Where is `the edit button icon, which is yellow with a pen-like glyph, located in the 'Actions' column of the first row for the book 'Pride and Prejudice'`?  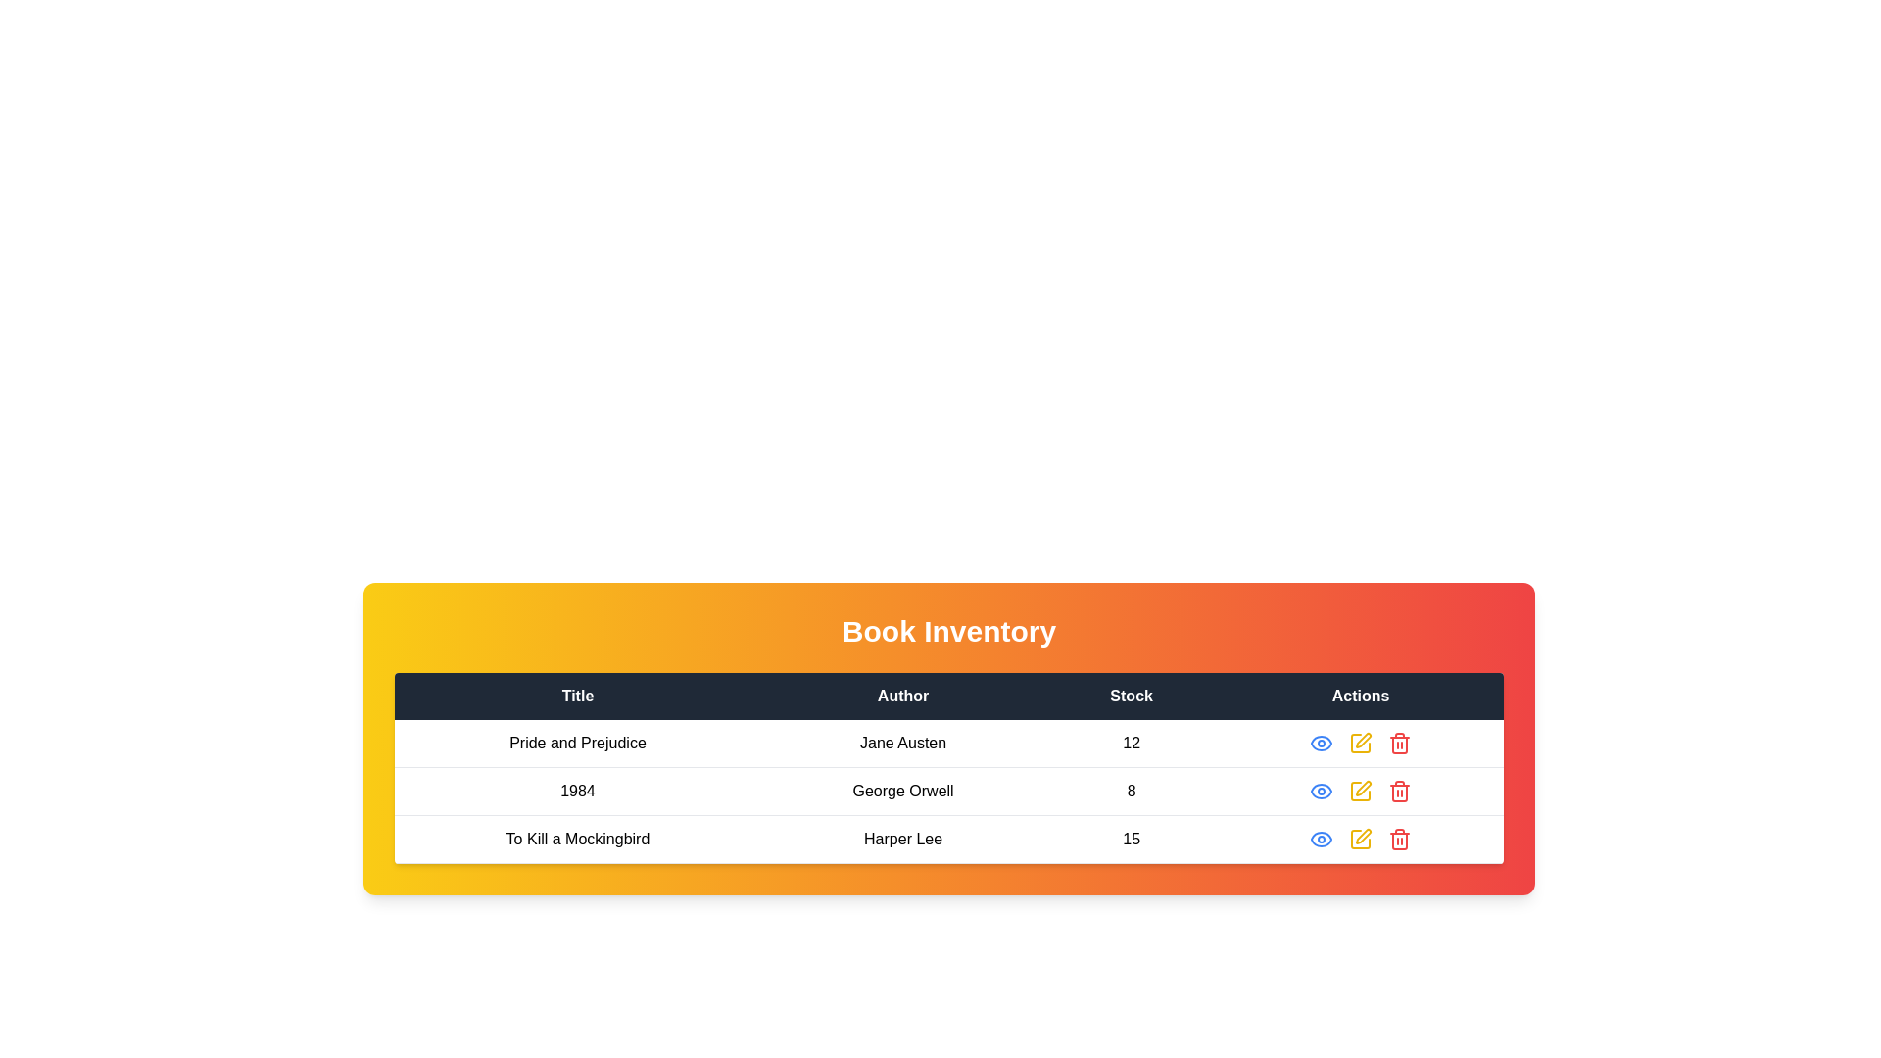 the edit button icon, which is yellow with a pen-like glyph, located in the 'Actions' column of the first row for the book 'Pride and Prejudice' is located at coordinates (1363, 741).